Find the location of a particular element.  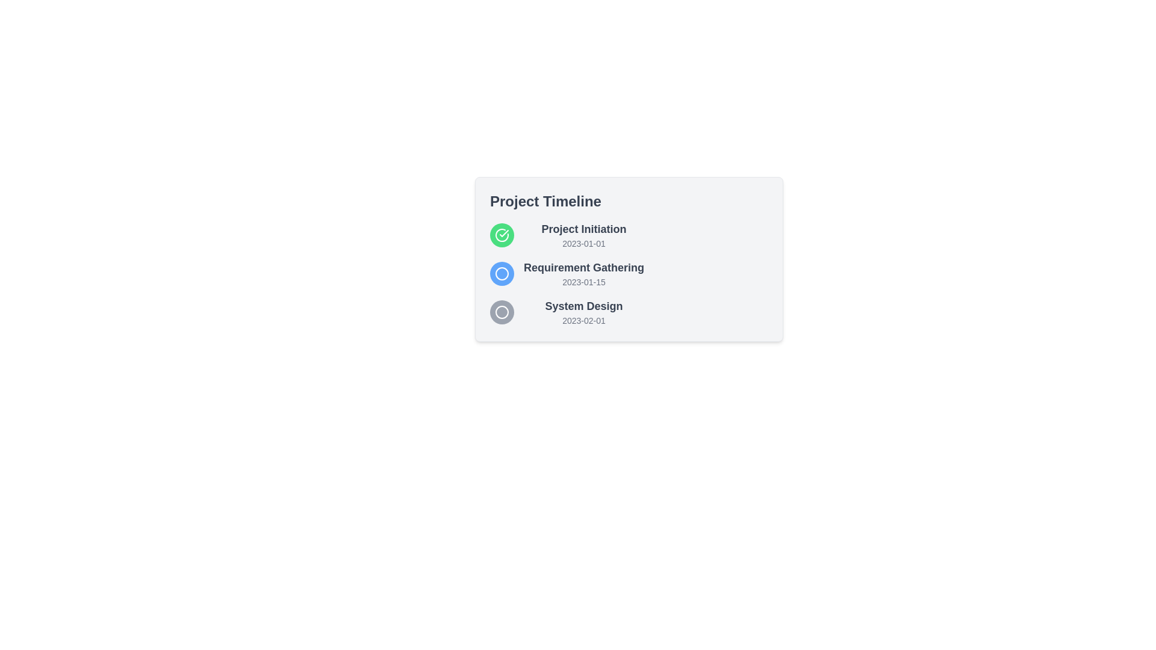

the 'Requirement Gathering' text component in the timeline, which is the second element and is identified by its associated date '2023-01-15' is located at coordinates (583, 274).